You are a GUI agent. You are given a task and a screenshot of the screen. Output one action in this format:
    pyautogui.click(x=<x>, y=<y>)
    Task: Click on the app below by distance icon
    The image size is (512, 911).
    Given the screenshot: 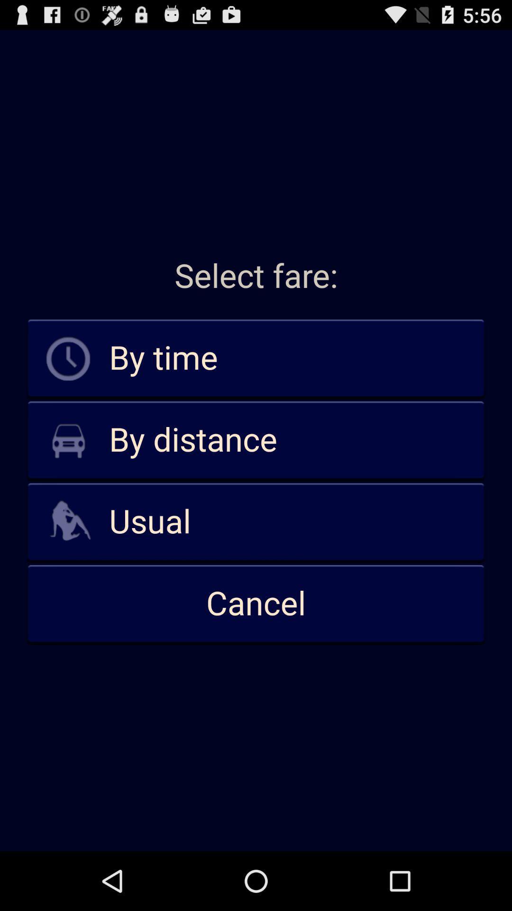 What is the action you would take?
    pyautogui.click(x=256, y=521)
    